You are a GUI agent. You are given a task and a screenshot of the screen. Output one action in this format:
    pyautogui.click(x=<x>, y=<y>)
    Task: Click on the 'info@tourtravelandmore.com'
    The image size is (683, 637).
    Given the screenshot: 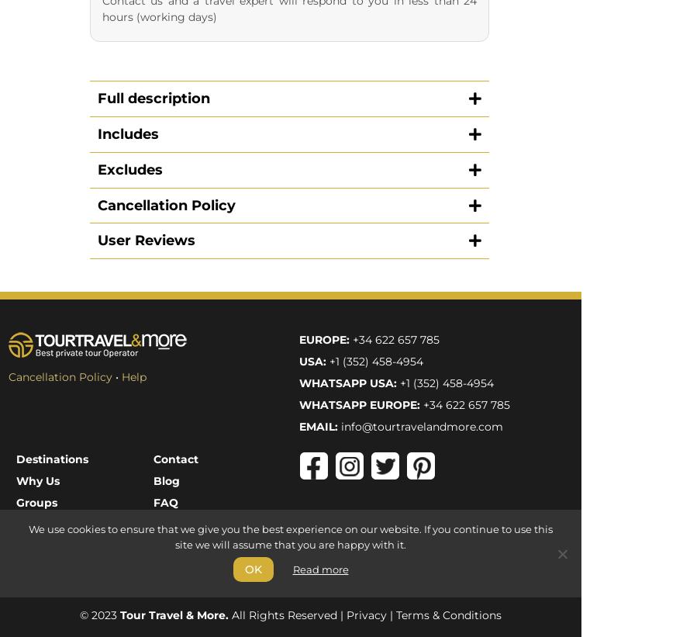 What is the action you would take?
    pyautogui.click(x=340, y=107)
    